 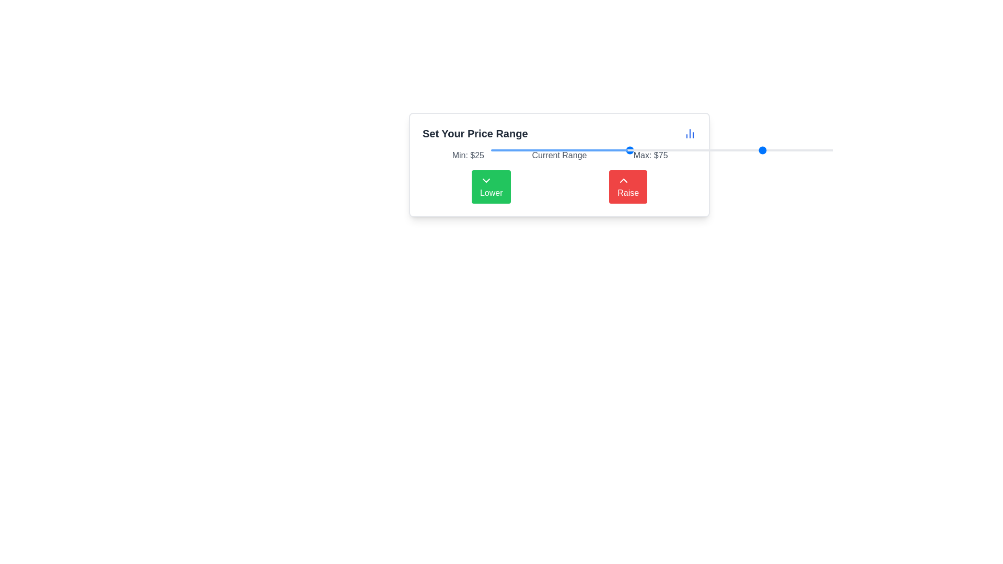 I want to click on the text display area that shows the entries 'Min: $25', 'Current Range', and 'Max: $75', which is located centrally below the heading 'Set Your Price Range', so click(x=558, y=155).